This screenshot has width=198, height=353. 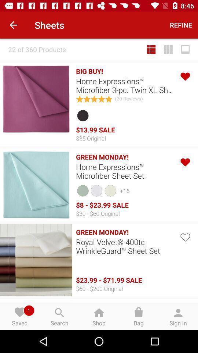 What do you see at coordinates (168, 49) in the screenshot?
I see `the item below the refine icon` at bounding box center [168, 49].